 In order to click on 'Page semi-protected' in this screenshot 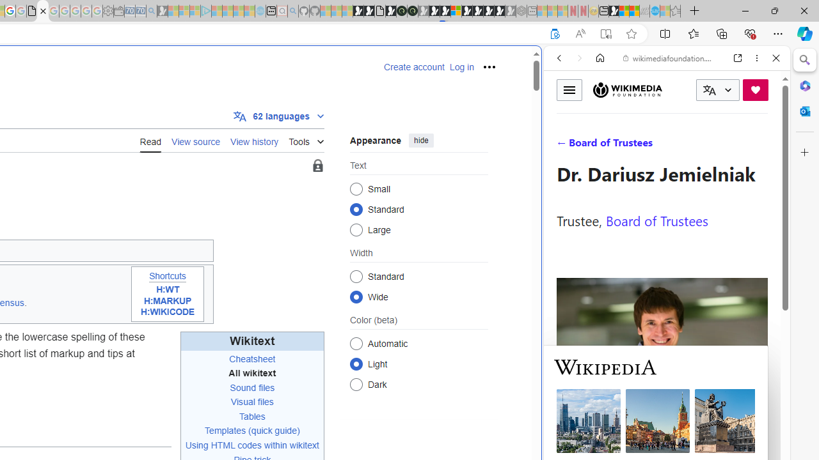, I will do `click(317, 165)`.